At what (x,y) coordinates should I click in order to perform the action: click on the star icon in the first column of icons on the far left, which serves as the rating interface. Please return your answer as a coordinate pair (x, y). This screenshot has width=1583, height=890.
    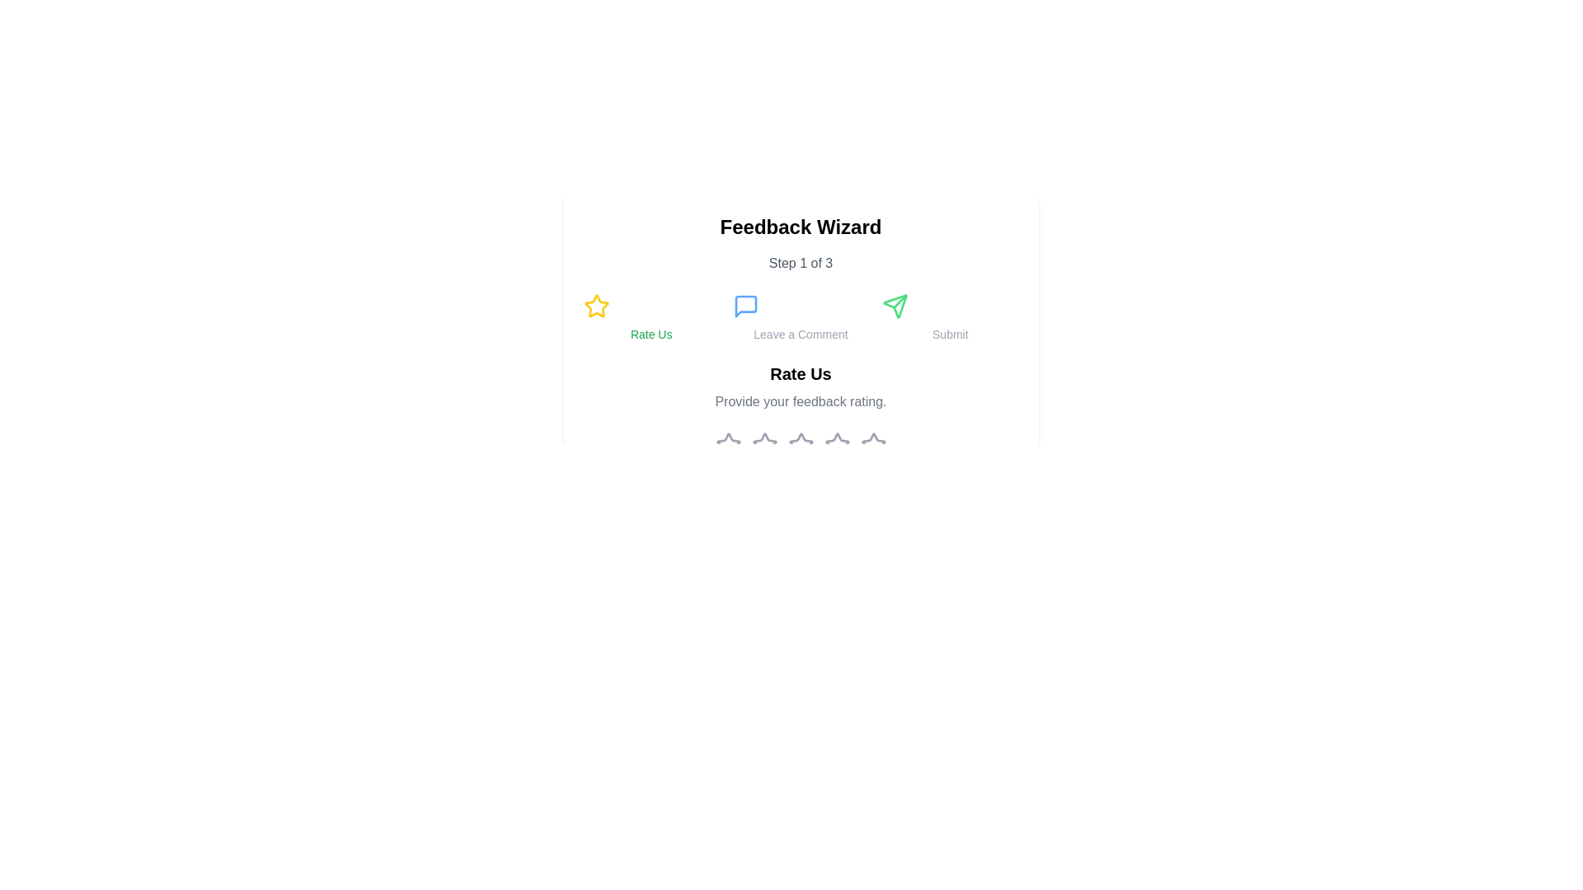
    Looking at the image, I should click on (595, 305).